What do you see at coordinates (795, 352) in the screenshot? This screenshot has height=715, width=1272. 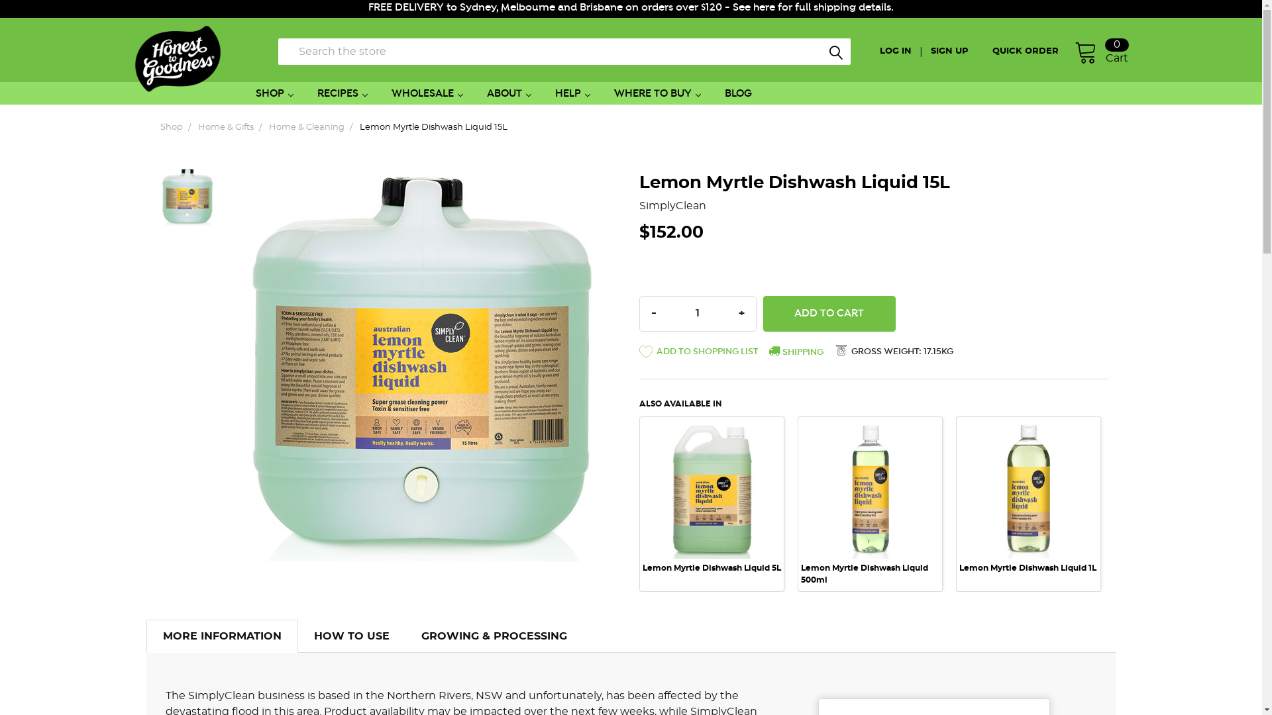 I see `'SHIPPING'` at bounding box center [795, 352].